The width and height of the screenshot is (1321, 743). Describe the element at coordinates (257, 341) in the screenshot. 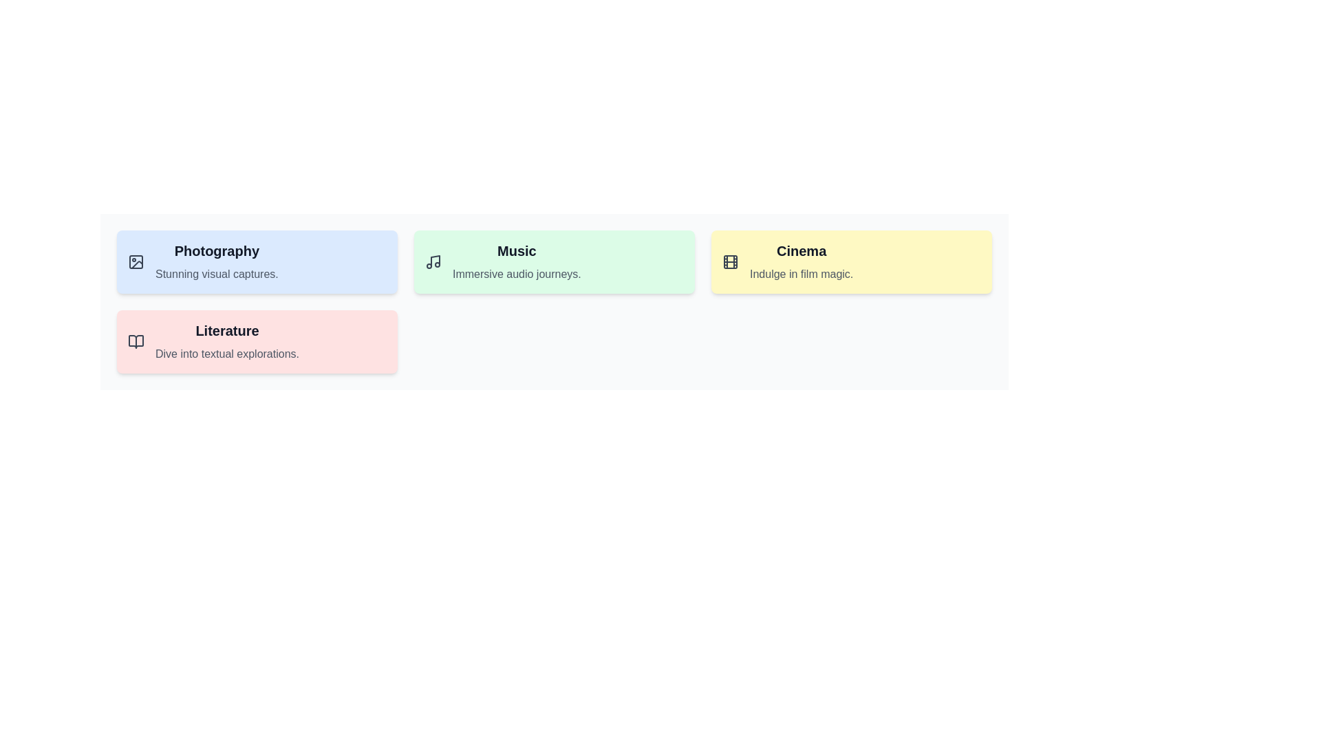

I see `the 'Literature' informational category card located in the bottom row of the grid layout` at that location.